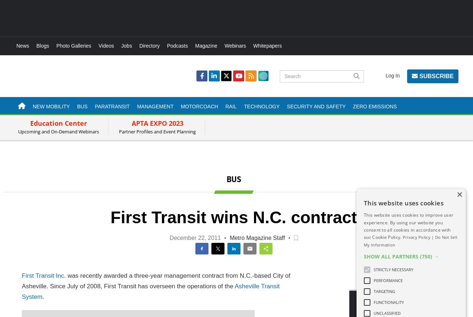 The height and width of the screenshot is (317, 473). Describe the element at coordinates (157, 123) in the screenshot. I see `'APTA EXPO 2023'` at that location.